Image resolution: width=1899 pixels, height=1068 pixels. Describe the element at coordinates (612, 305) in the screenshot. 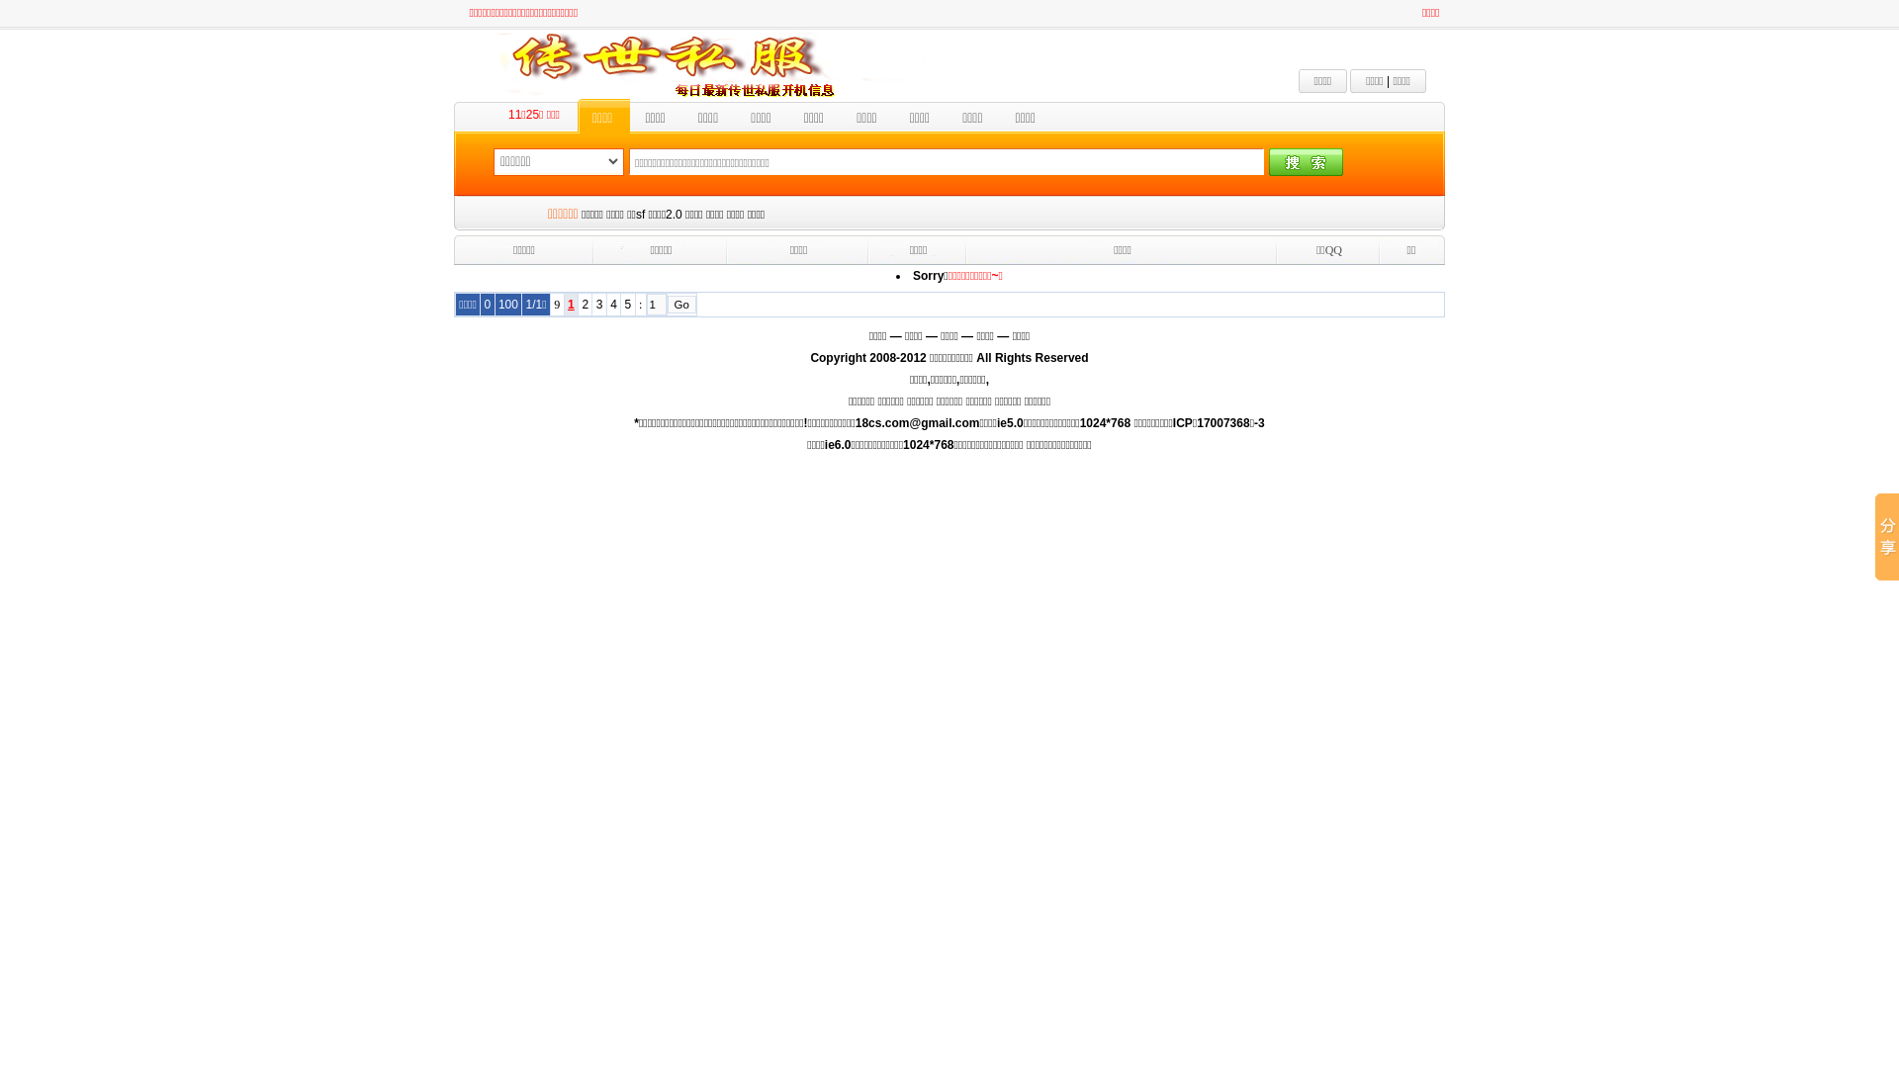

I see `'4'` at that location.